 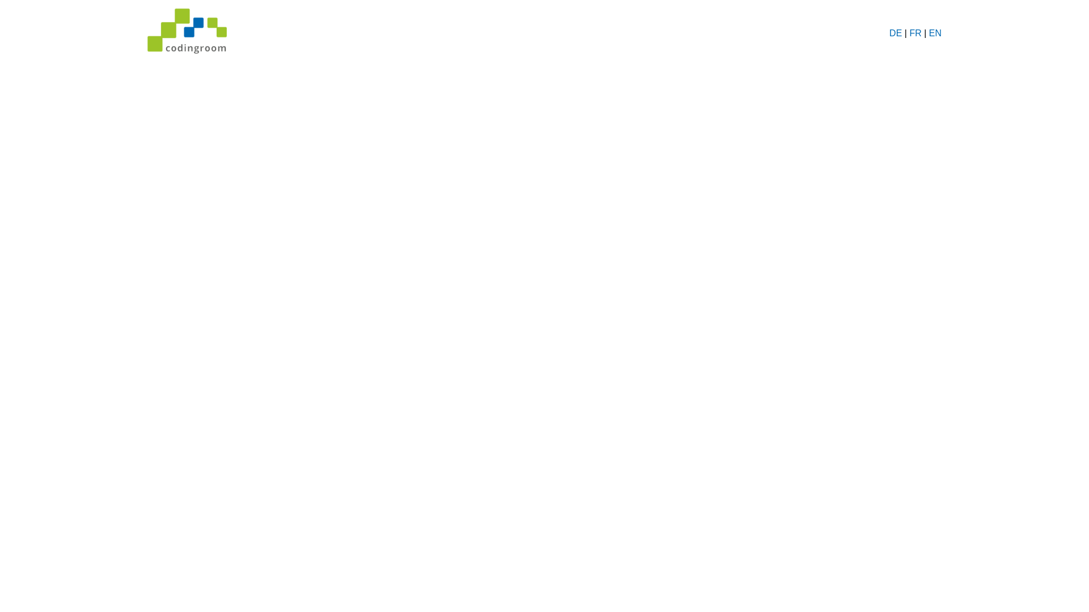 I want to click on 'DE', so click(x=895, y=32).